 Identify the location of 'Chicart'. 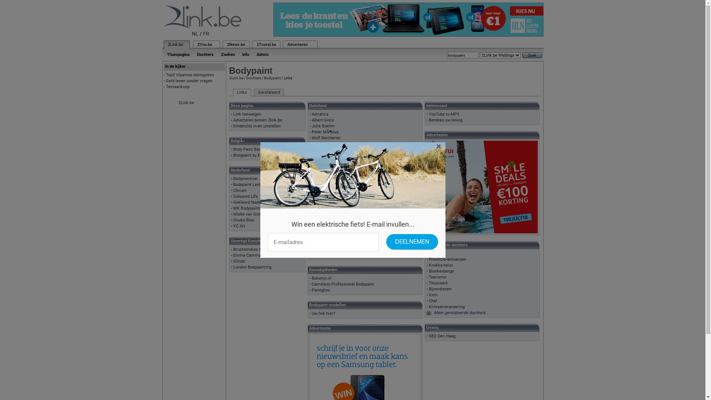
(240, 190).